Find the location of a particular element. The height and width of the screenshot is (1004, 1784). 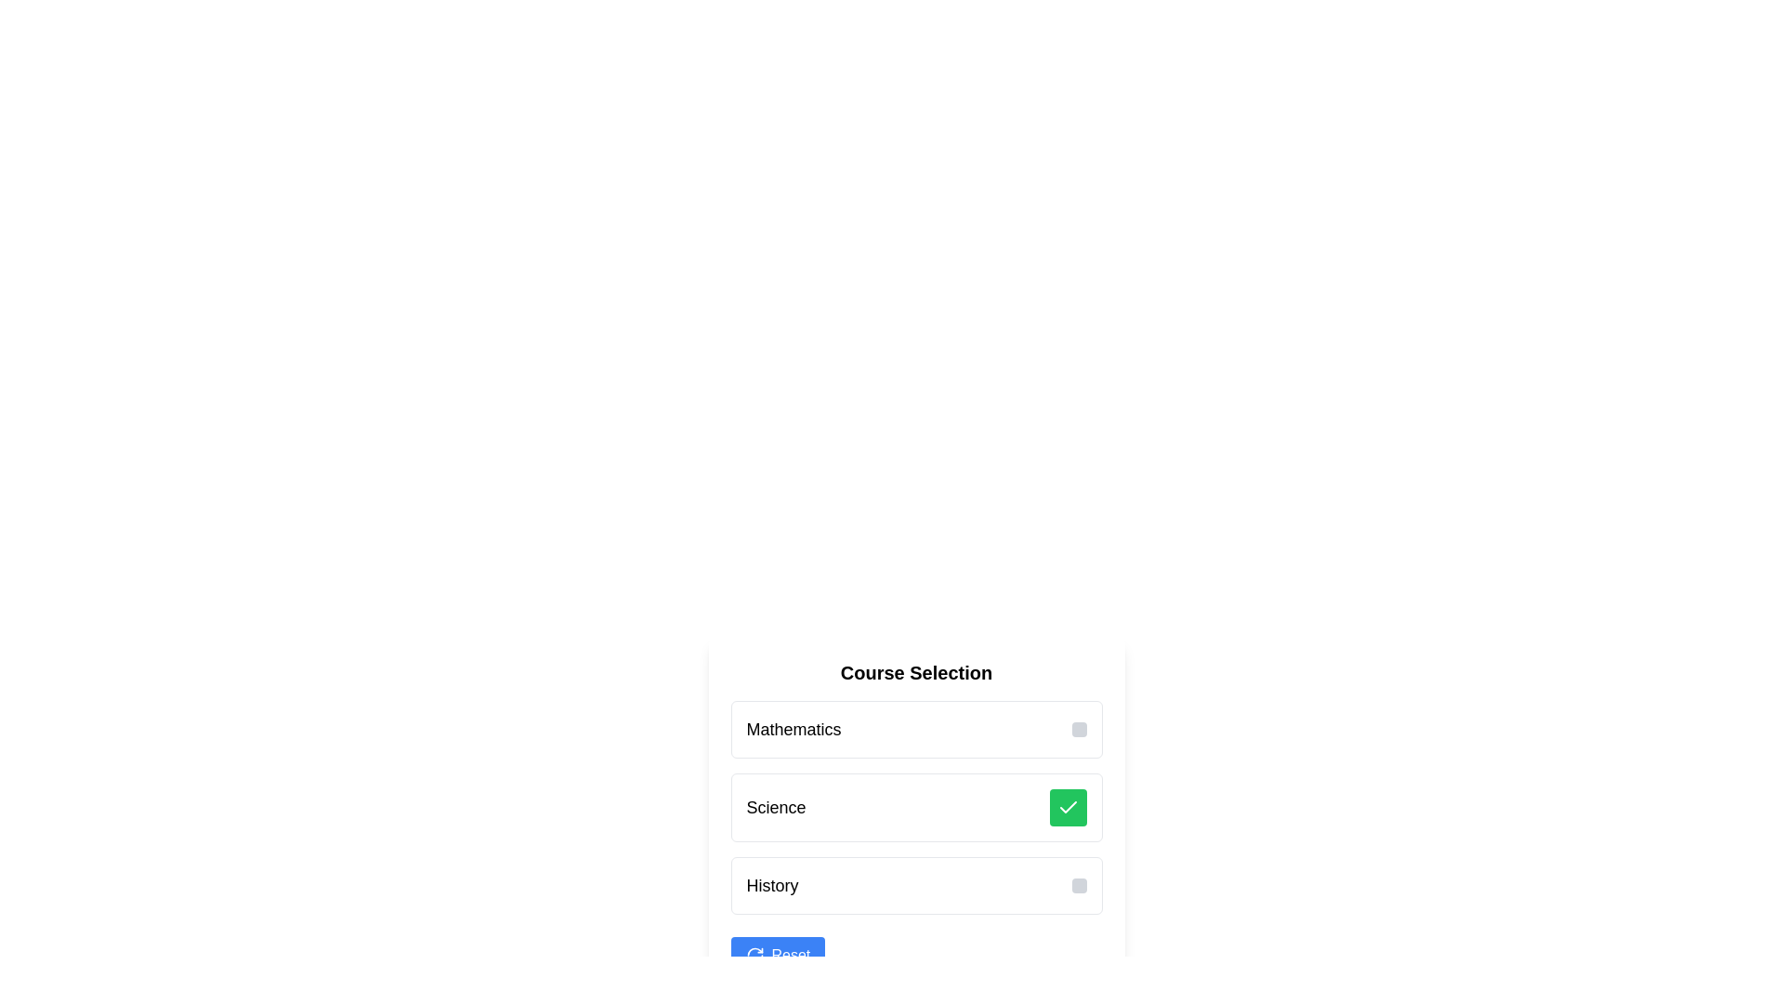

the reset button labeled with text on the right-hand side of the button, which is adjacent to an icon resembling a circular arrow is located at coordinates (791, 956).